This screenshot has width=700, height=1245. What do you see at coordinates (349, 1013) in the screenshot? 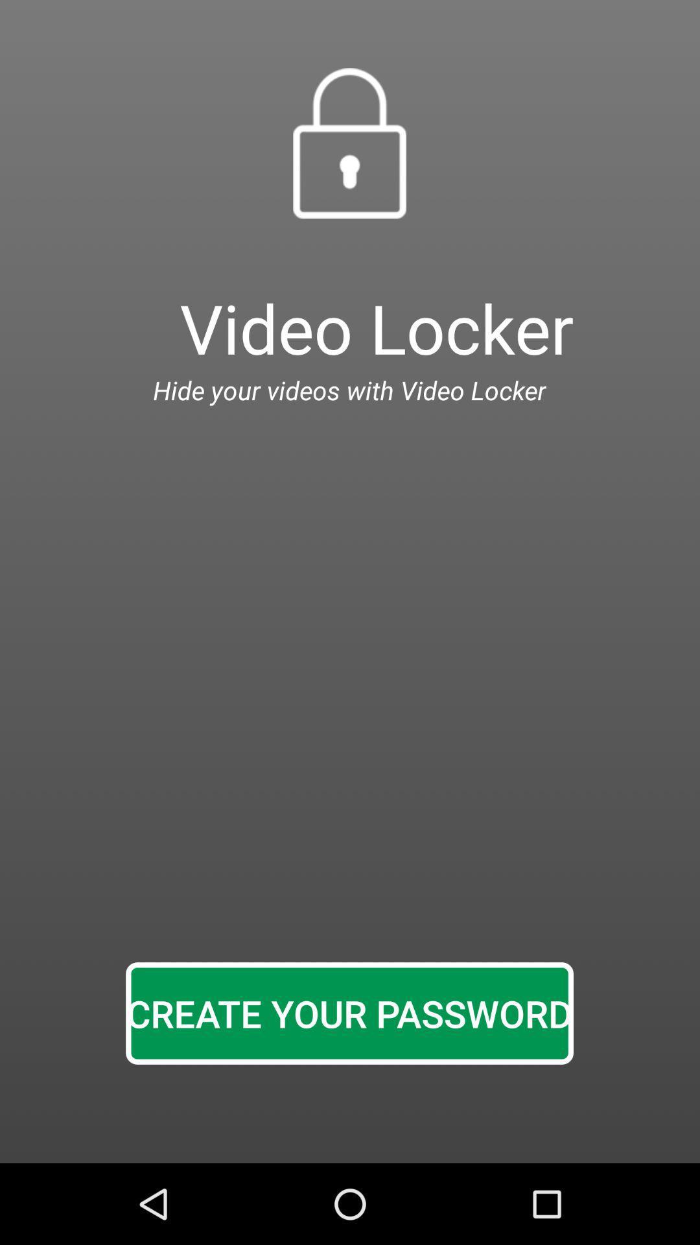
I see `create your password icon` at bounding box center [349, 1013].